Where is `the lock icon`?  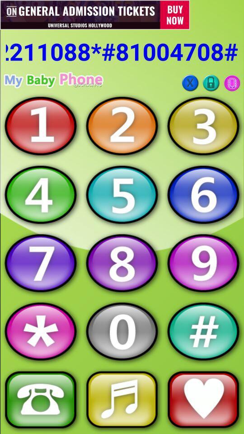
the lock icon is located at coordinates (211, 83).